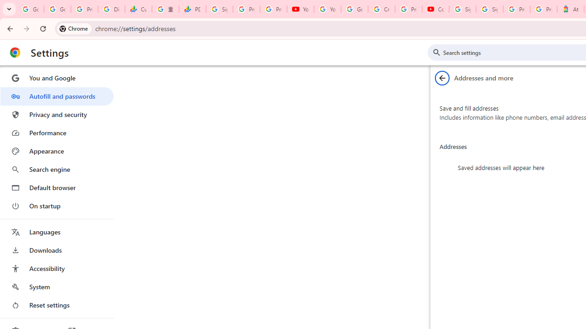 The height and width of the screenshot is (329, 586). I want to click on 'Languages', so click(56, 231).